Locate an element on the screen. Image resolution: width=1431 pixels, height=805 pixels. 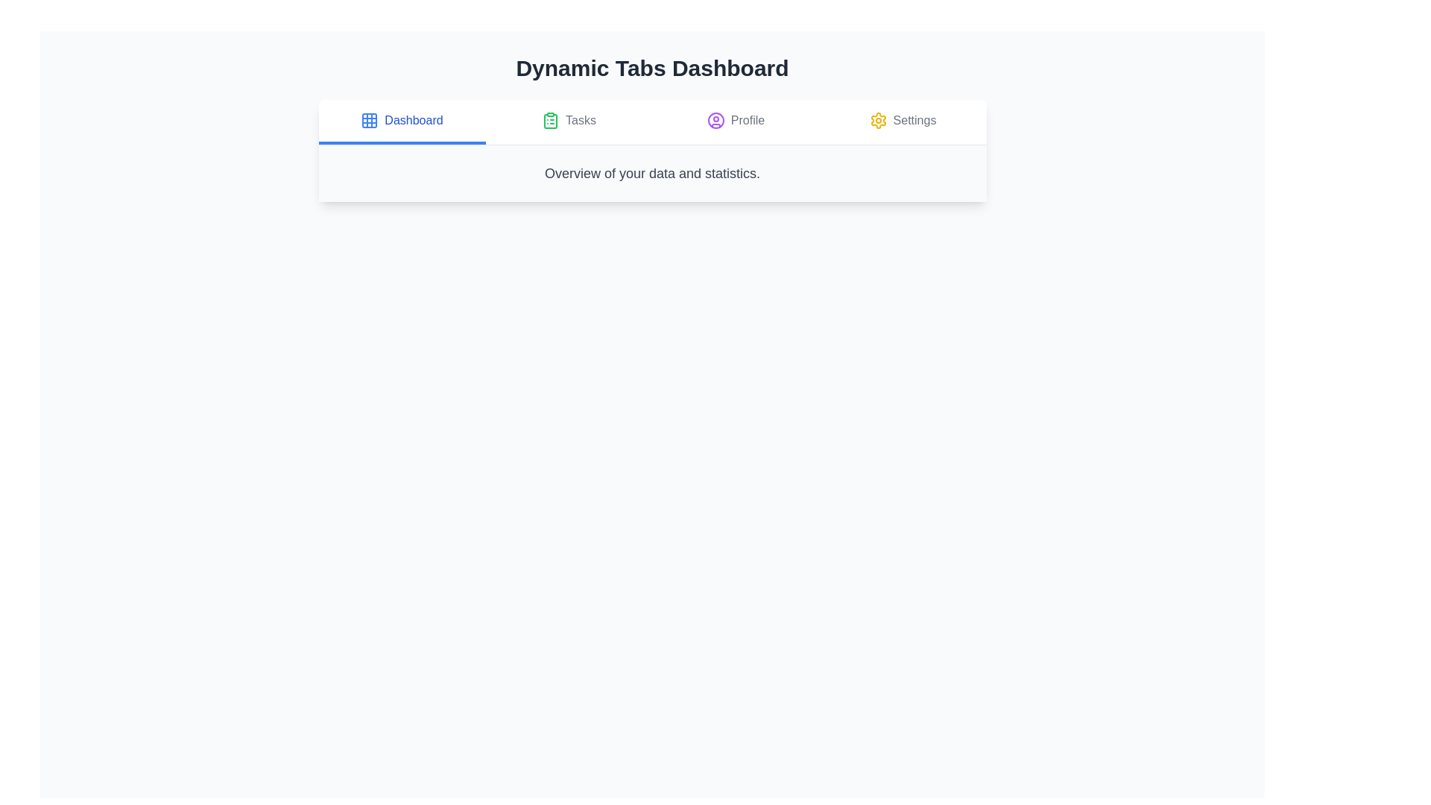
the 'Dashboard' Tab button using keyboard navigation is located at coordinates (402, 121).